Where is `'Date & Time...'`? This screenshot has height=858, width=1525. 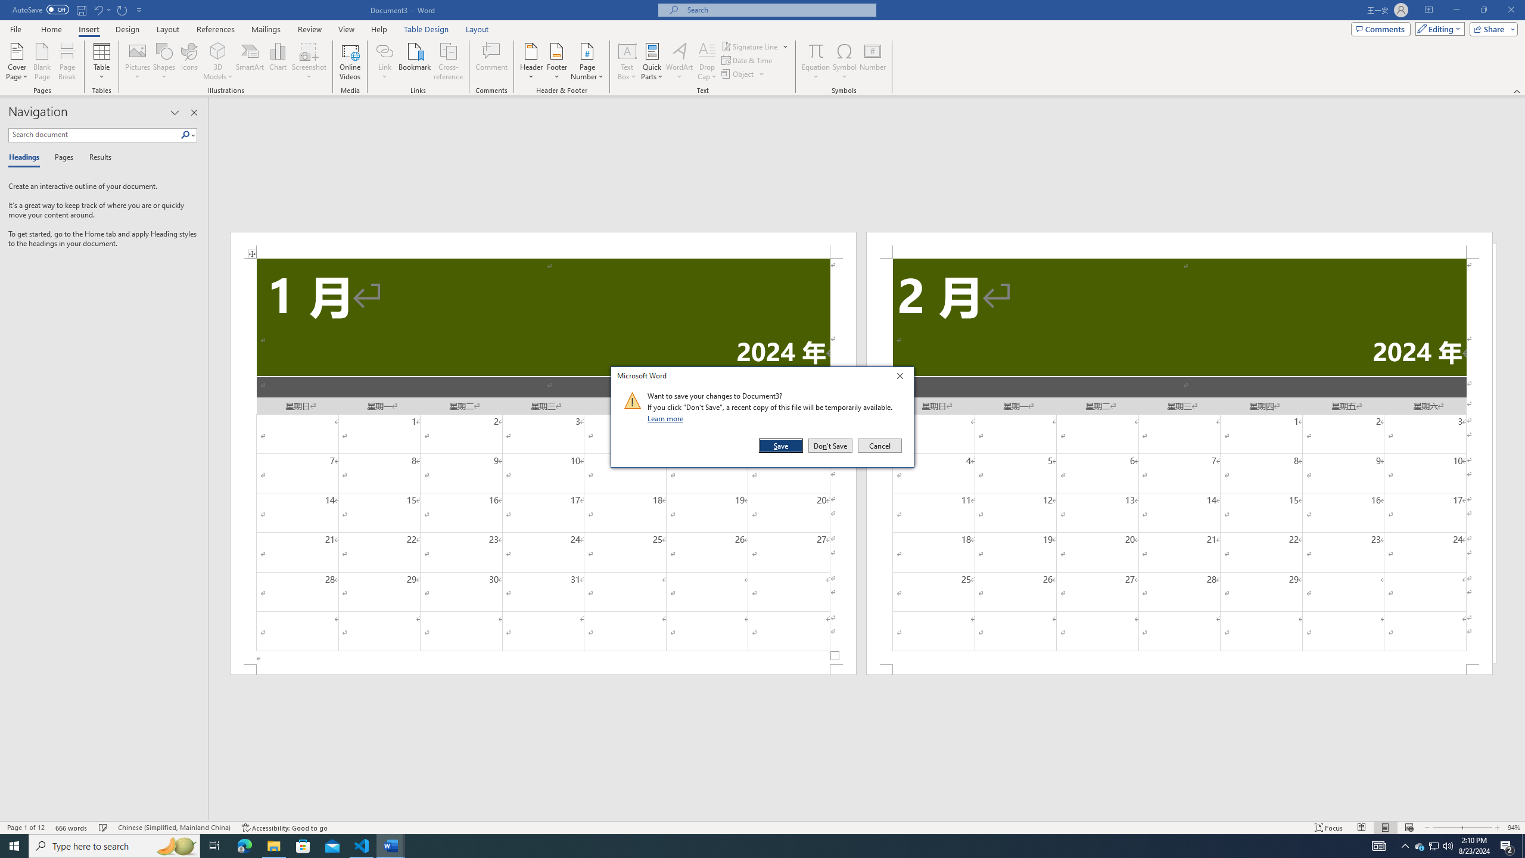 'Date & Time...' is located at coordinates (748, 59).